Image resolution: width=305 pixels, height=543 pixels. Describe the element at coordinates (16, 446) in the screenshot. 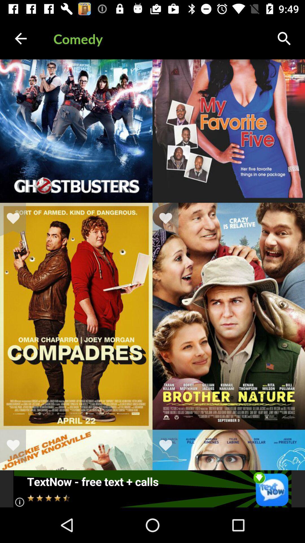

I see `mark as favorite` at that location.